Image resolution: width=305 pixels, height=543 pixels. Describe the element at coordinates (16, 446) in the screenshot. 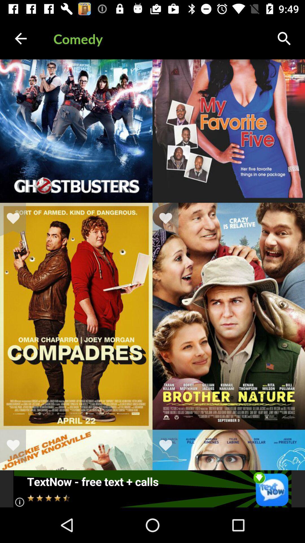

I see `mark as favorite` at that location.